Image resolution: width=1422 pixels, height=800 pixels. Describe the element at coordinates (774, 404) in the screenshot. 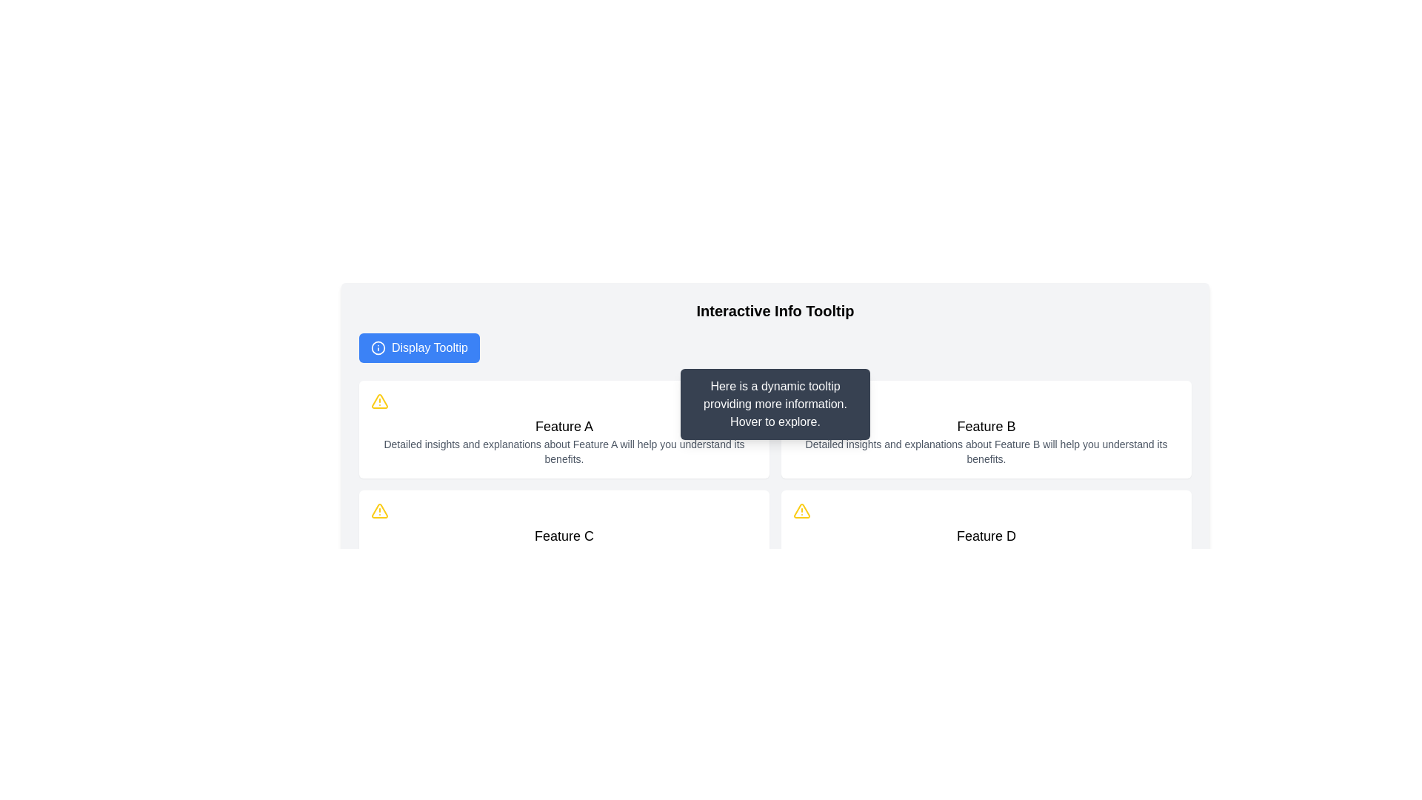

I see `the tooltip with a dark gray background and white text that reads 'Here is a dynamic tooltip providing more information.'` at that location.